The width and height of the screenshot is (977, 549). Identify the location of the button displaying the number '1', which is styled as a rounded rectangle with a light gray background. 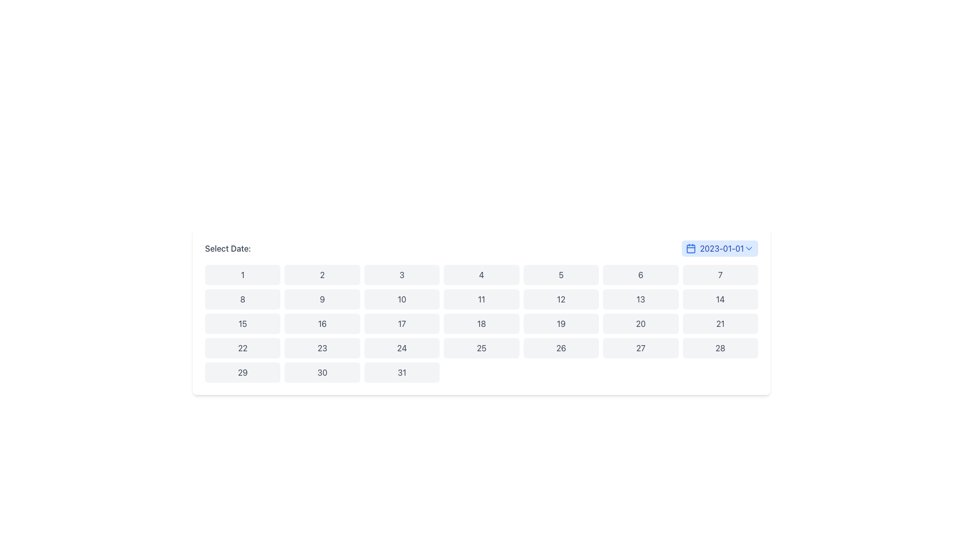
(242, 274).